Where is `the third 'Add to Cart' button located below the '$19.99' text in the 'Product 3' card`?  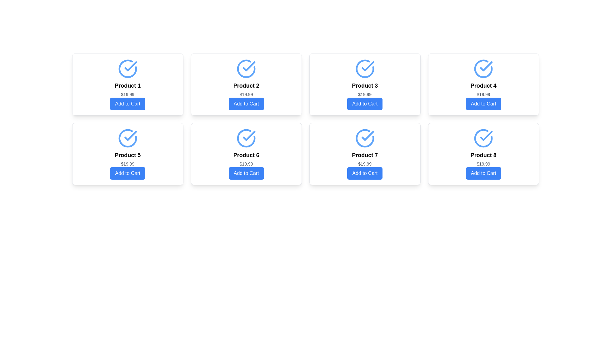 the third 'Add to Cart' button located below the '$19.99' text in the 'Product 3' card is located at coordinates (365, 103).